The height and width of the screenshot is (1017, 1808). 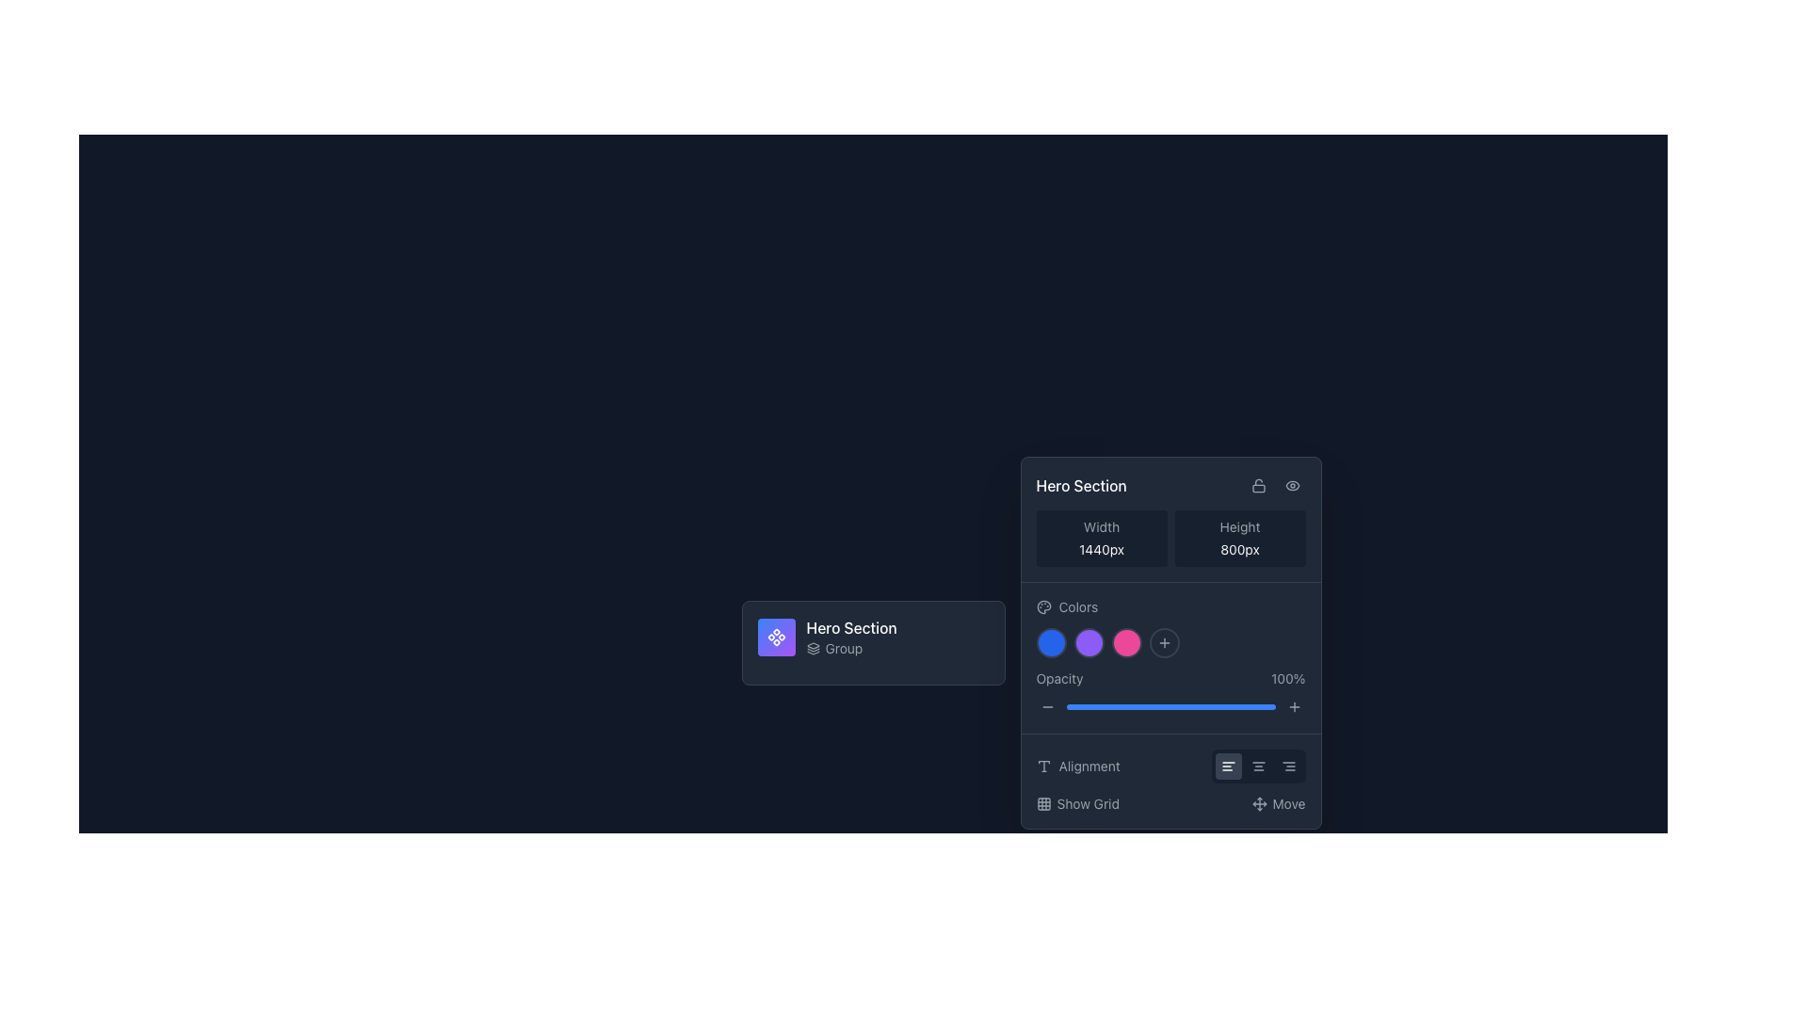 What do you see at coordinates (1239, 526) in the screenshot?
I see `the 'Height' label, which is a bold, light gray text positioned at the top of a dark gray panel, clearly contrasted and aligned with '800px'` at bounding box center [1239, 526].